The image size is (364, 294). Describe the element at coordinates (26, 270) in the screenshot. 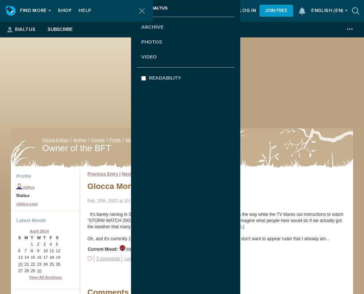

I see `'28'` at that location.